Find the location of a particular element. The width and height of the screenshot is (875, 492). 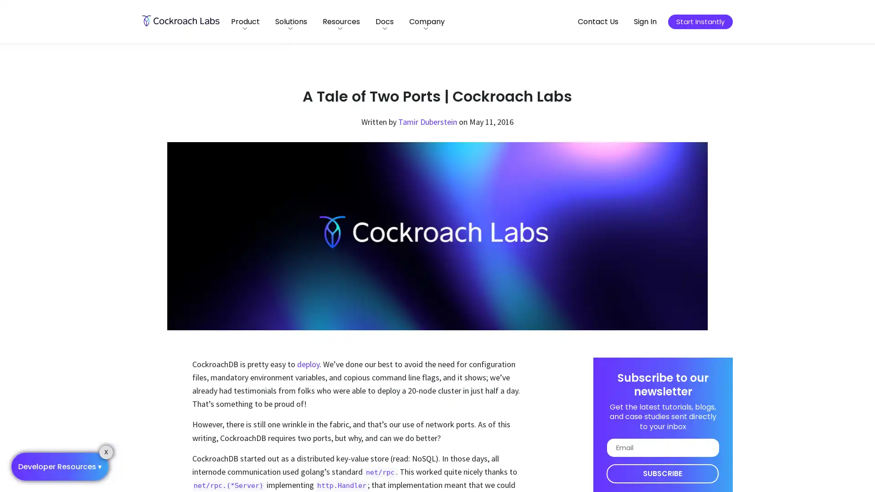

Contact Us is located at coordinates (598, 21).